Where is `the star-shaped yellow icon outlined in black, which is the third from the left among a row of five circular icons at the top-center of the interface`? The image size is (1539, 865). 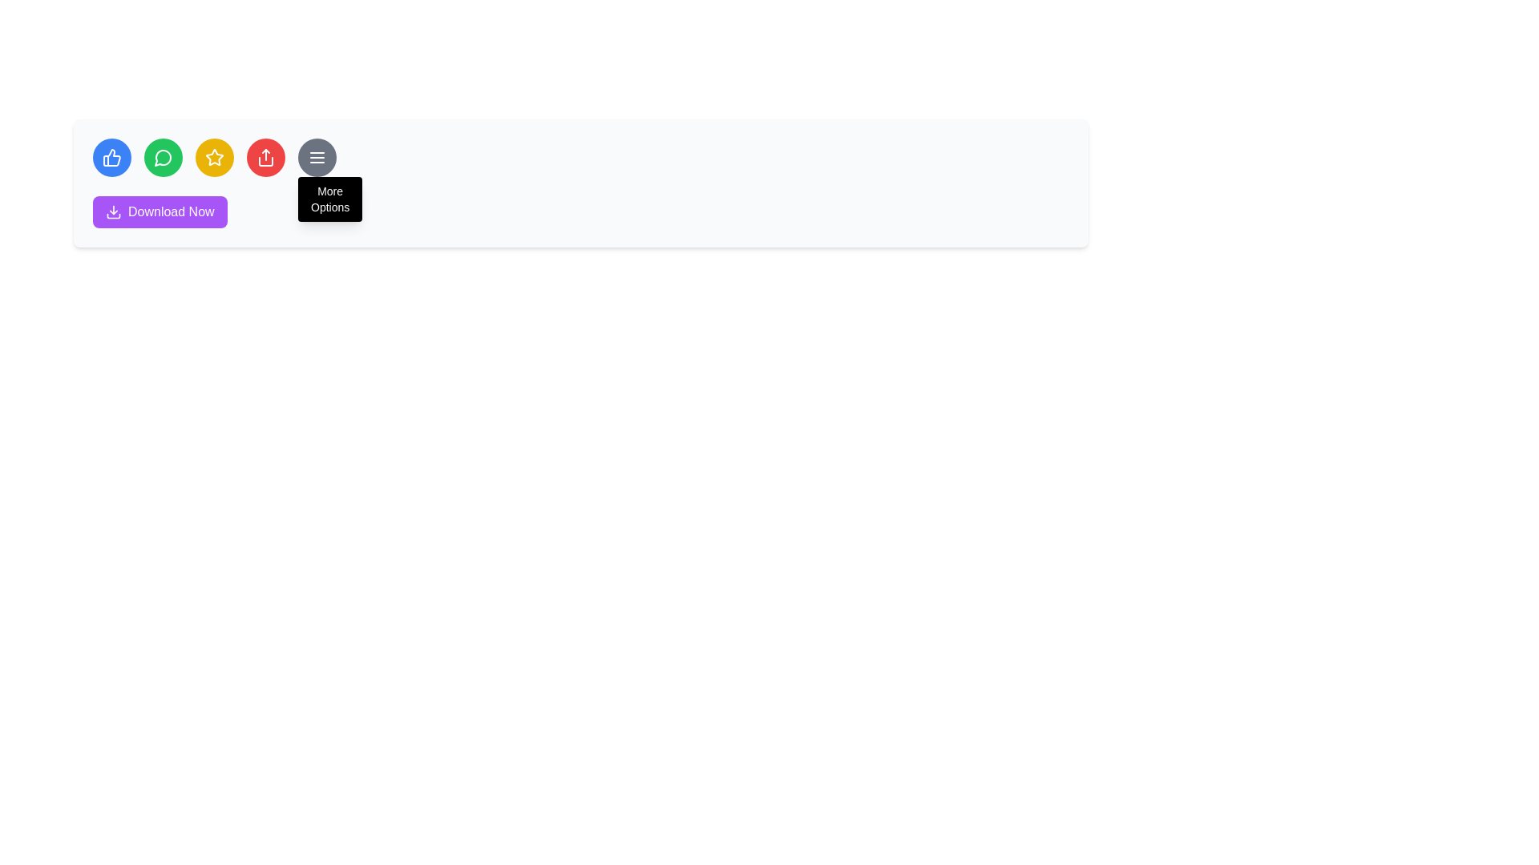
the star-shaped yellow icon outlined in black, which is the third from the left among a row of five circular icons at the top-center of the interface is located at coordinates (214, 157).